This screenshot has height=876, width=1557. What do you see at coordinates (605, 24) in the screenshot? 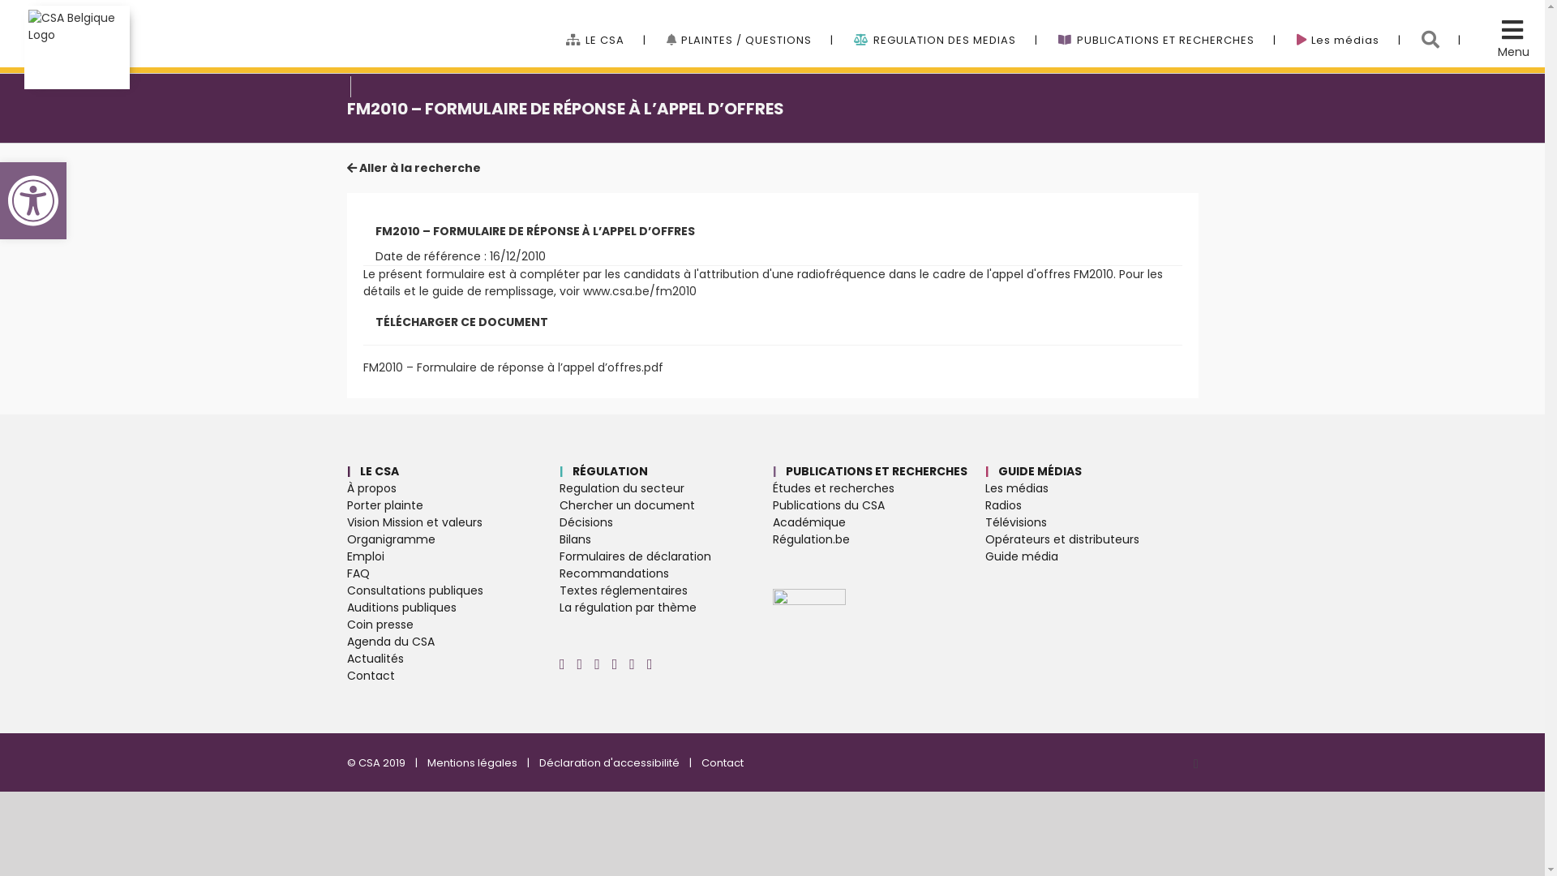
I see `'LE CSA'` at bounding box center [605, 24].